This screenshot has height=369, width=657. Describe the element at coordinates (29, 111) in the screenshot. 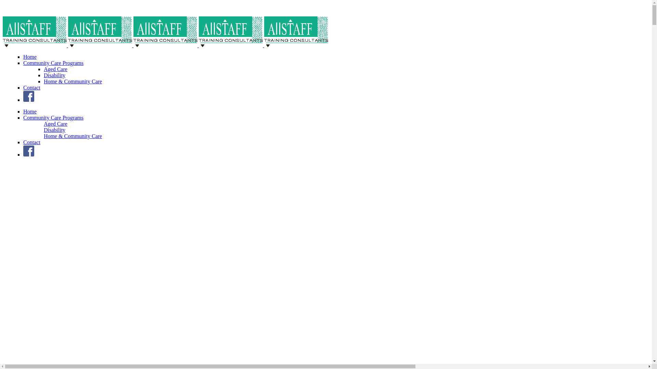

I see `'Home'` at that location.